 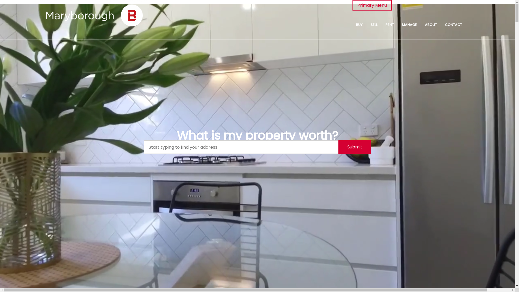 I want to click on 'CONTACT', so click(x=453, y=25).